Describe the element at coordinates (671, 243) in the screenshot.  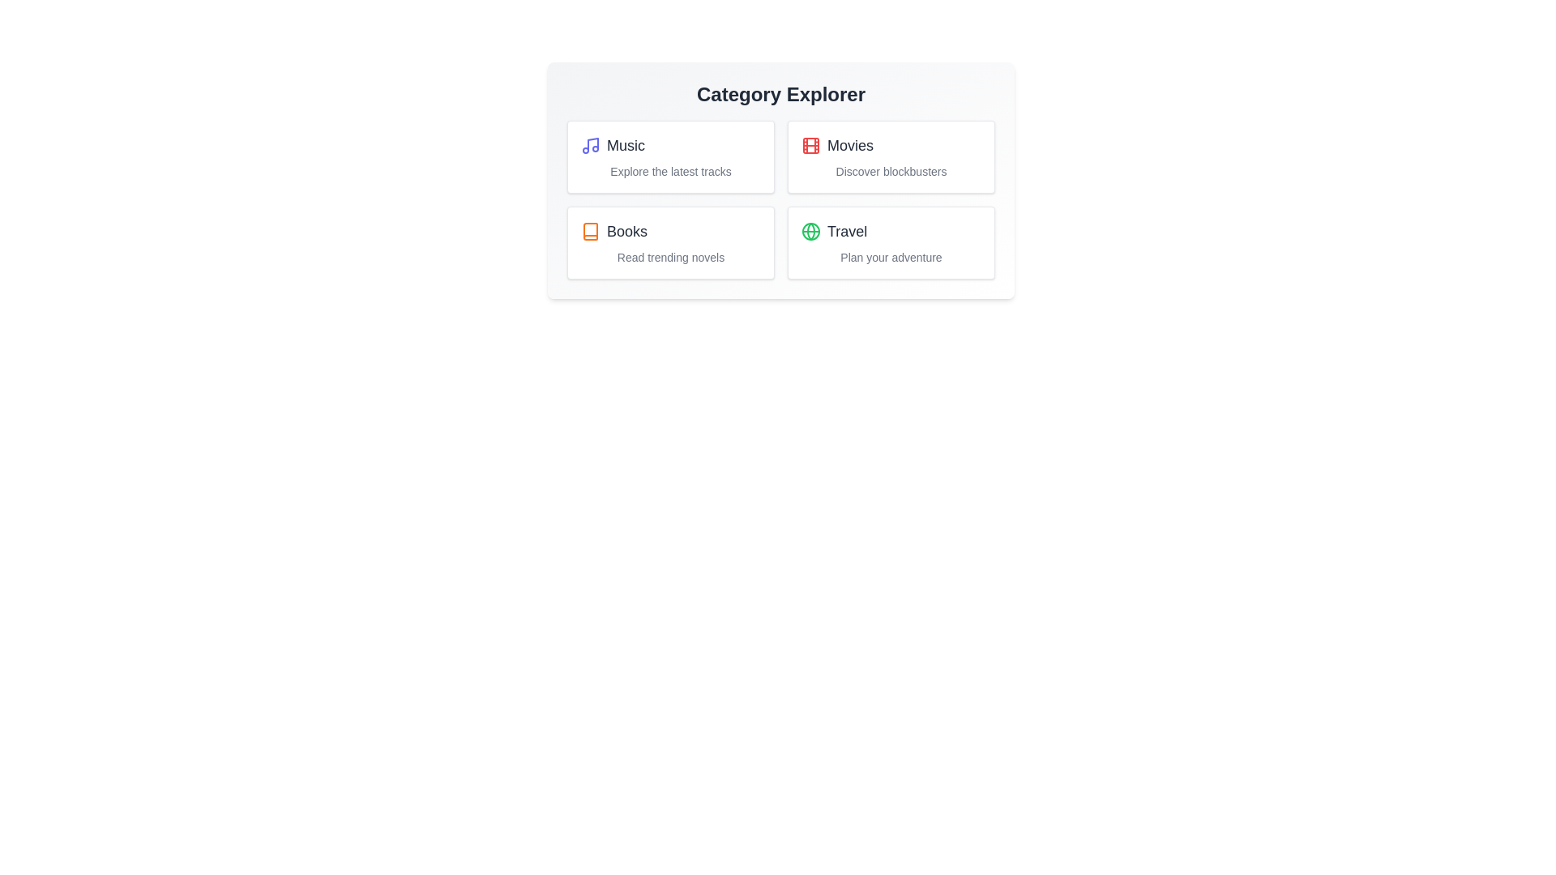
I see `the 'Books' category to select it` at that location.